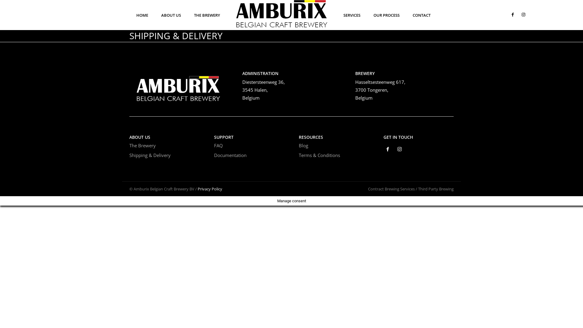  Describe the element at coordinates (352, 15) in the screenshot. I see `'SERVICES'` at that location.